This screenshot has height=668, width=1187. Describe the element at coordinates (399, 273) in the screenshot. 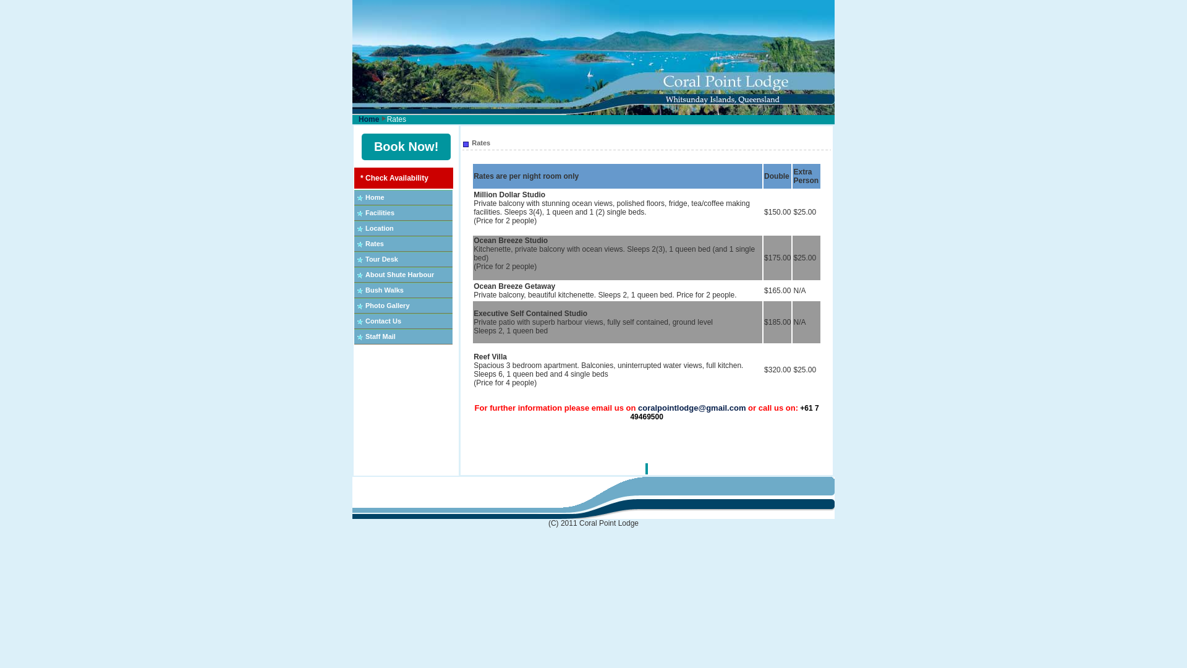

I see `'About Shute Harbour'` at that location.